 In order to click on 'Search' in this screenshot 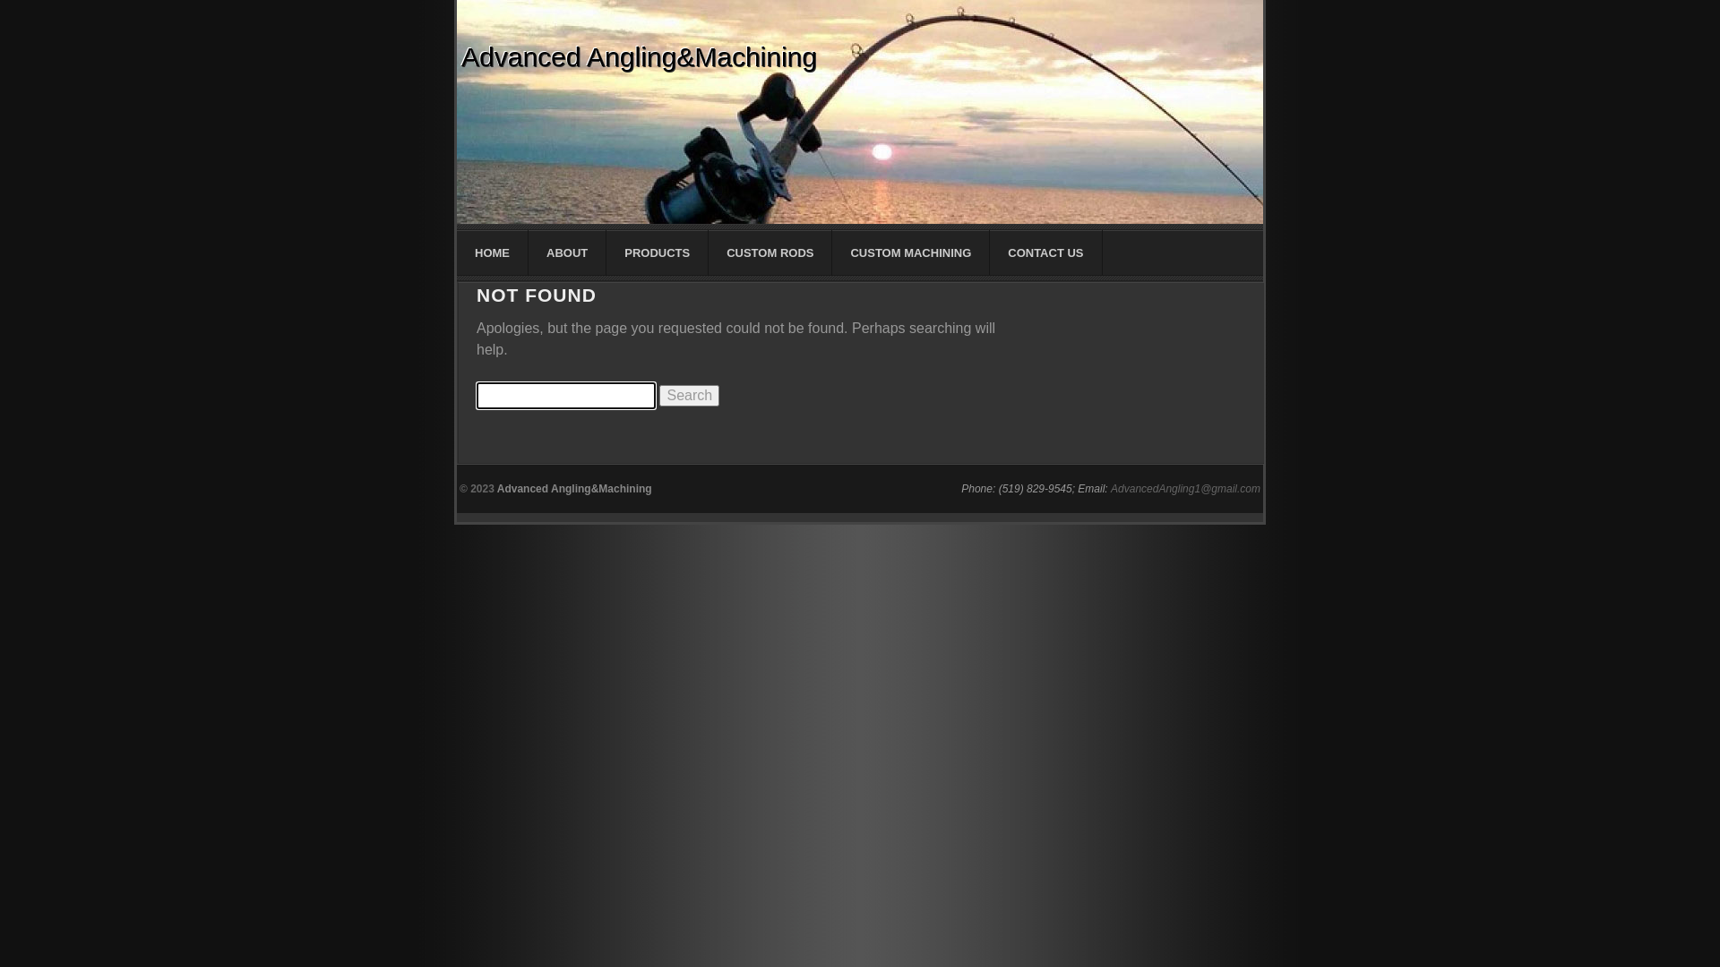, I will do `click(688, 395)`.